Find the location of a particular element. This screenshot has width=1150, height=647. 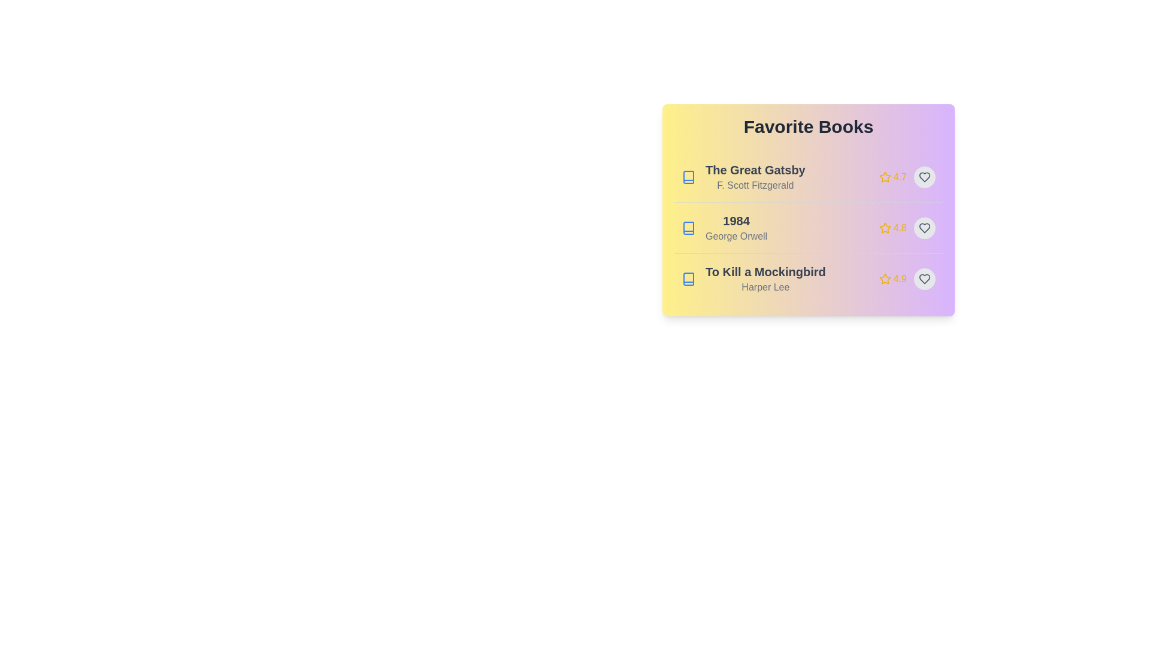

the book icon for To Kill a Mockingbird is located at coordinates (689, 279).